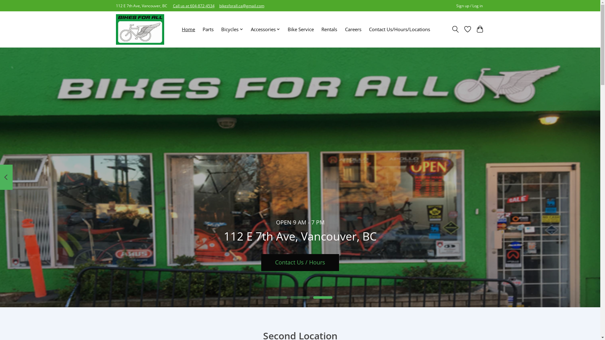 This screenshot has height=340, width=605. Describe the element at coordinates (266, 29) in the screenshot. I see `'Accessories'` at that location.